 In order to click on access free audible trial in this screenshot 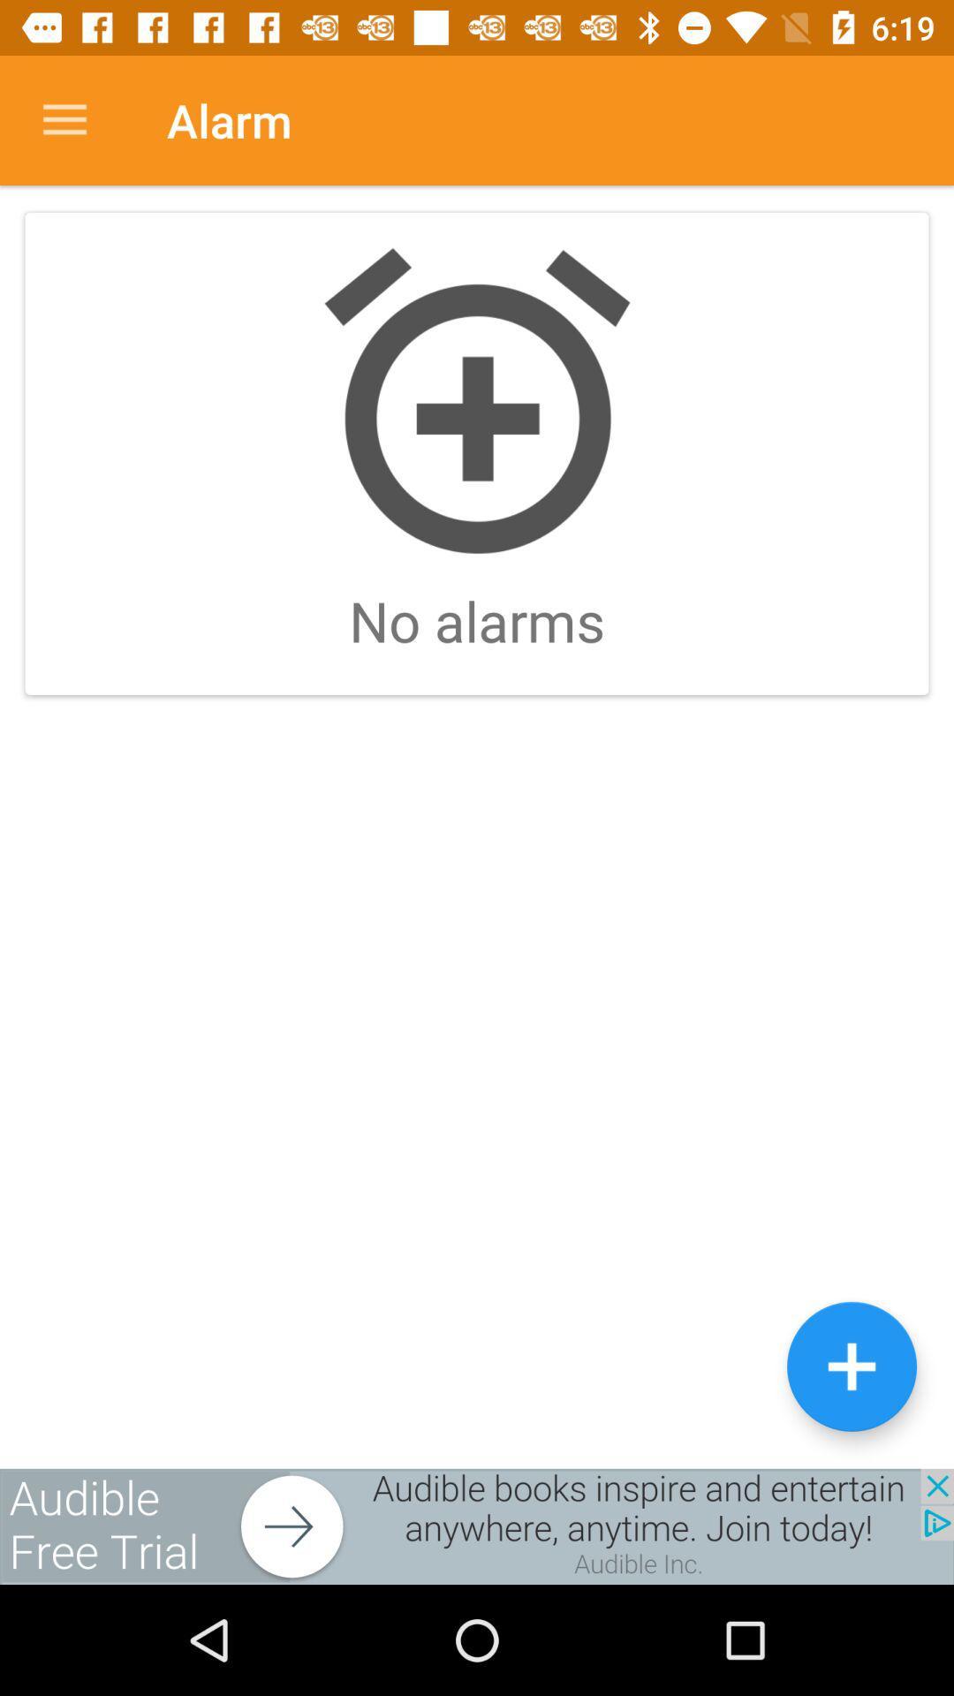, I will do `click(477, 1526)`.